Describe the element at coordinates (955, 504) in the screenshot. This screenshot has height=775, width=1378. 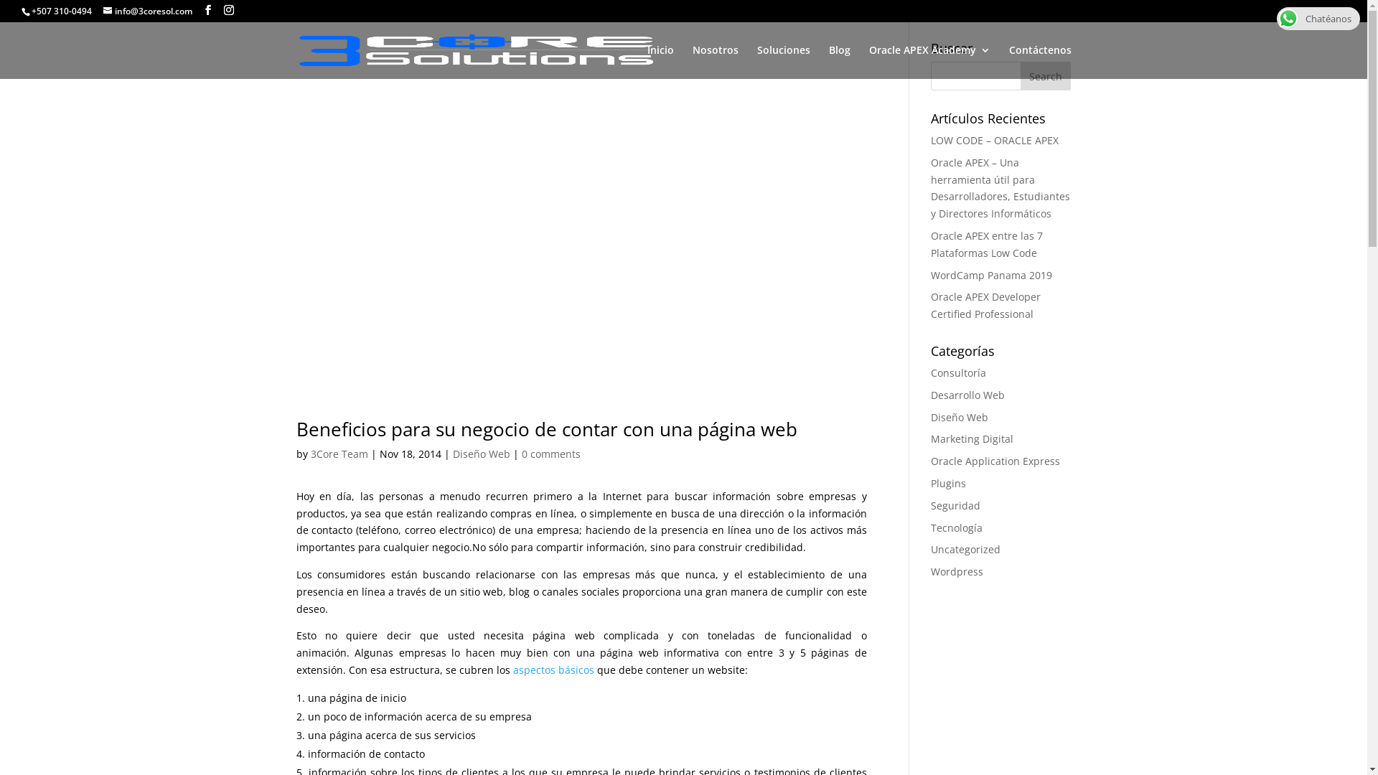
I see `'Seguridad'` at that location.